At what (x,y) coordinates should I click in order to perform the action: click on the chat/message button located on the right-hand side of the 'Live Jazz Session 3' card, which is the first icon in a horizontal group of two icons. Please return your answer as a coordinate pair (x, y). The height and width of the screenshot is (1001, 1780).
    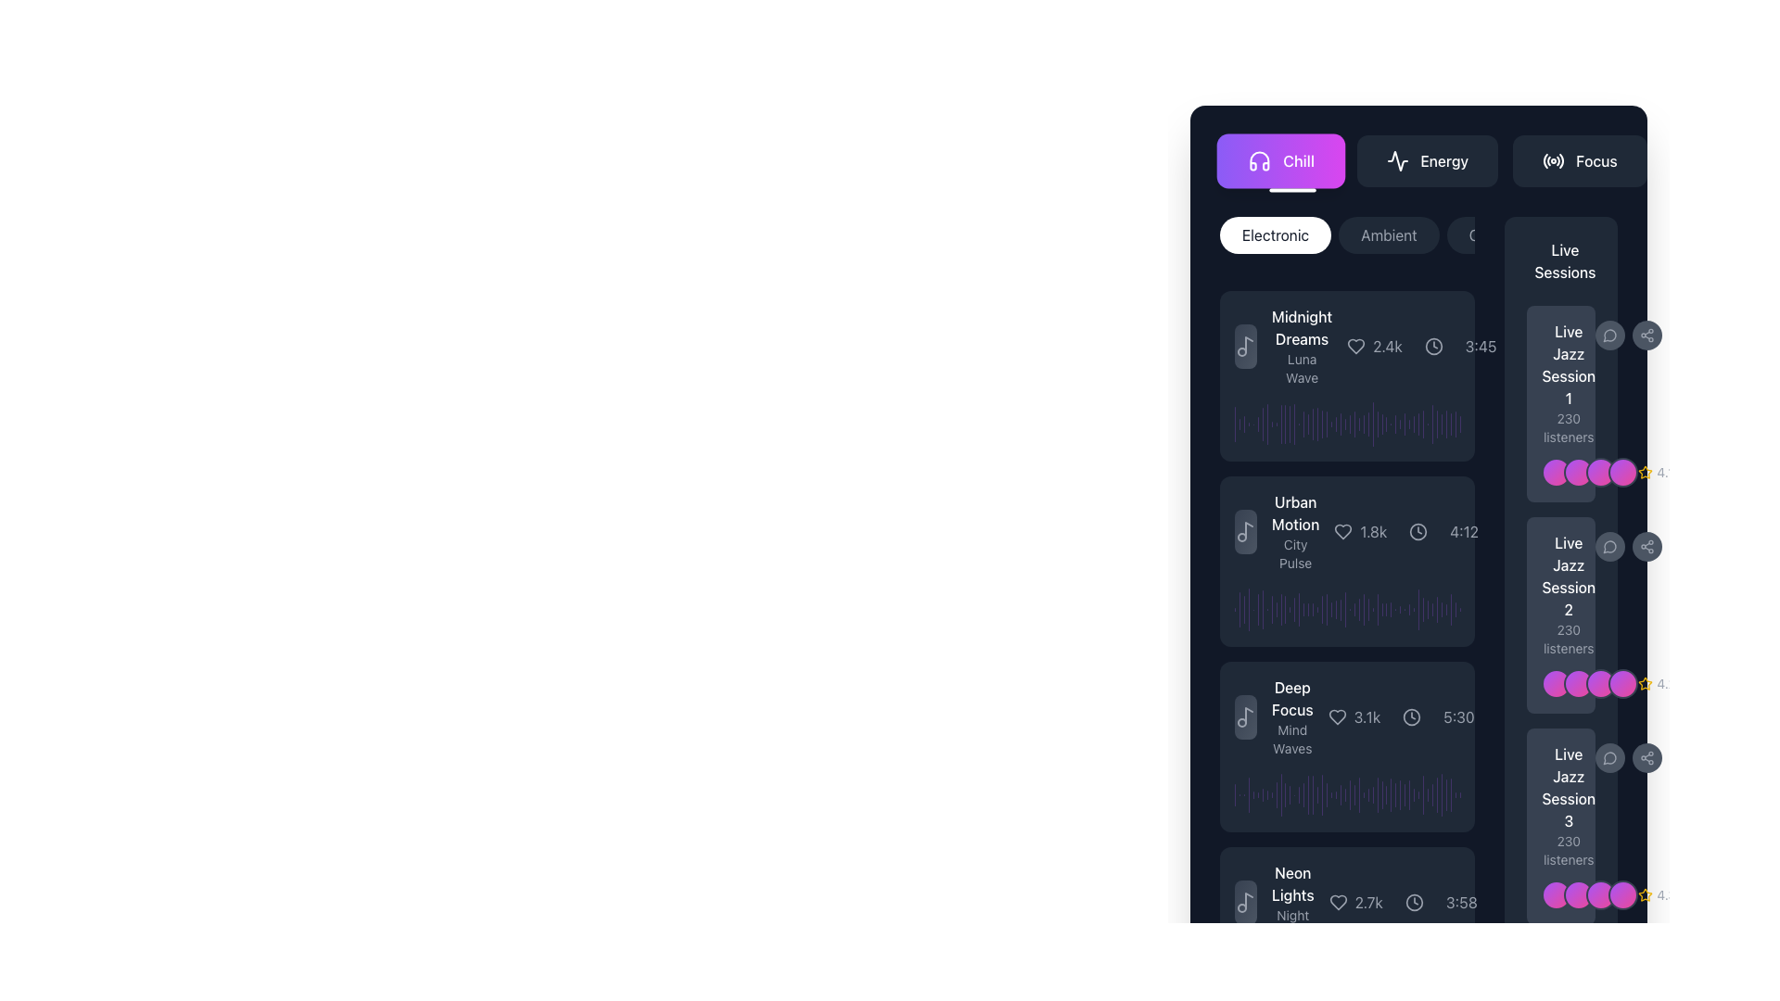
    Looking at the image, I should click on (1609, 757).